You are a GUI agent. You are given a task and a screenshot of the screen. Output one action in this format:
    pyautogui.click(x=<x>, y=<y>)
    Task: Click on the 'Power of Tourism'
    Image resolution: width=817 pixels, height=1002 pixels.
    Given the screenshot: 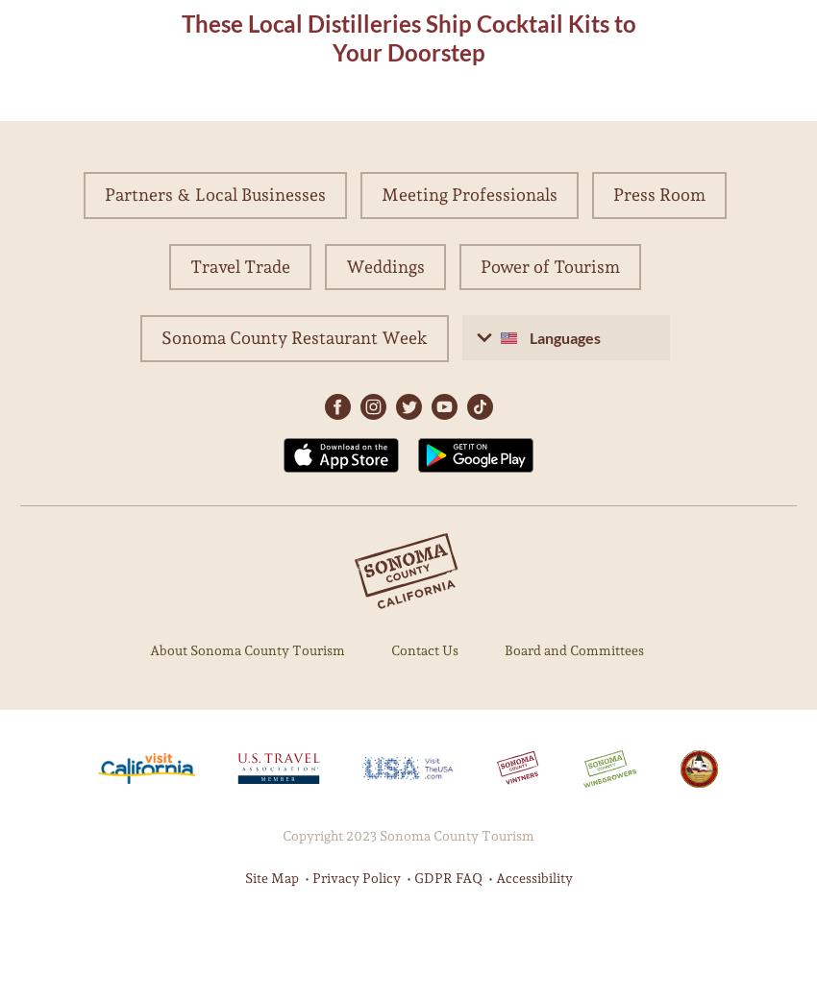 What is the action you would take?
    pyautogui.click(x=480, y=265)
    